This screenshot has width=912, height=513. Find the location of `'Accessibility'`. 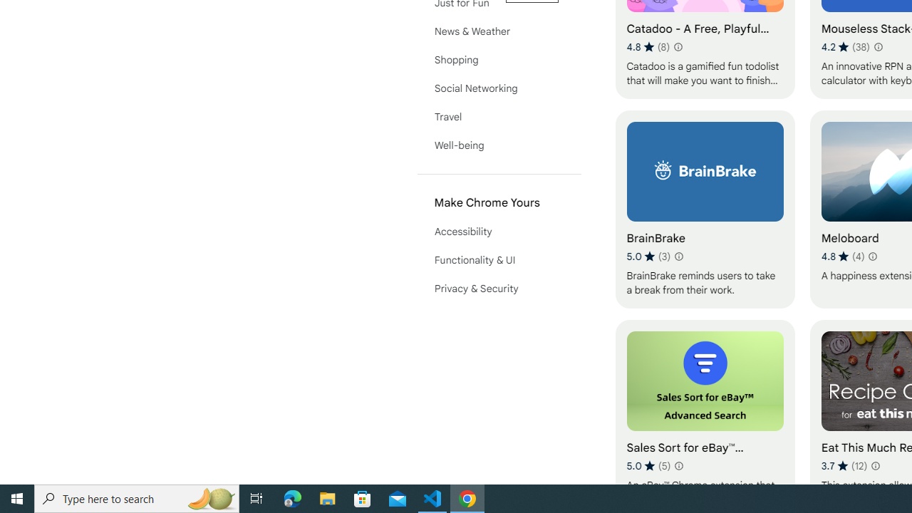

'Accessibility' is located at coordinates (499, 231).